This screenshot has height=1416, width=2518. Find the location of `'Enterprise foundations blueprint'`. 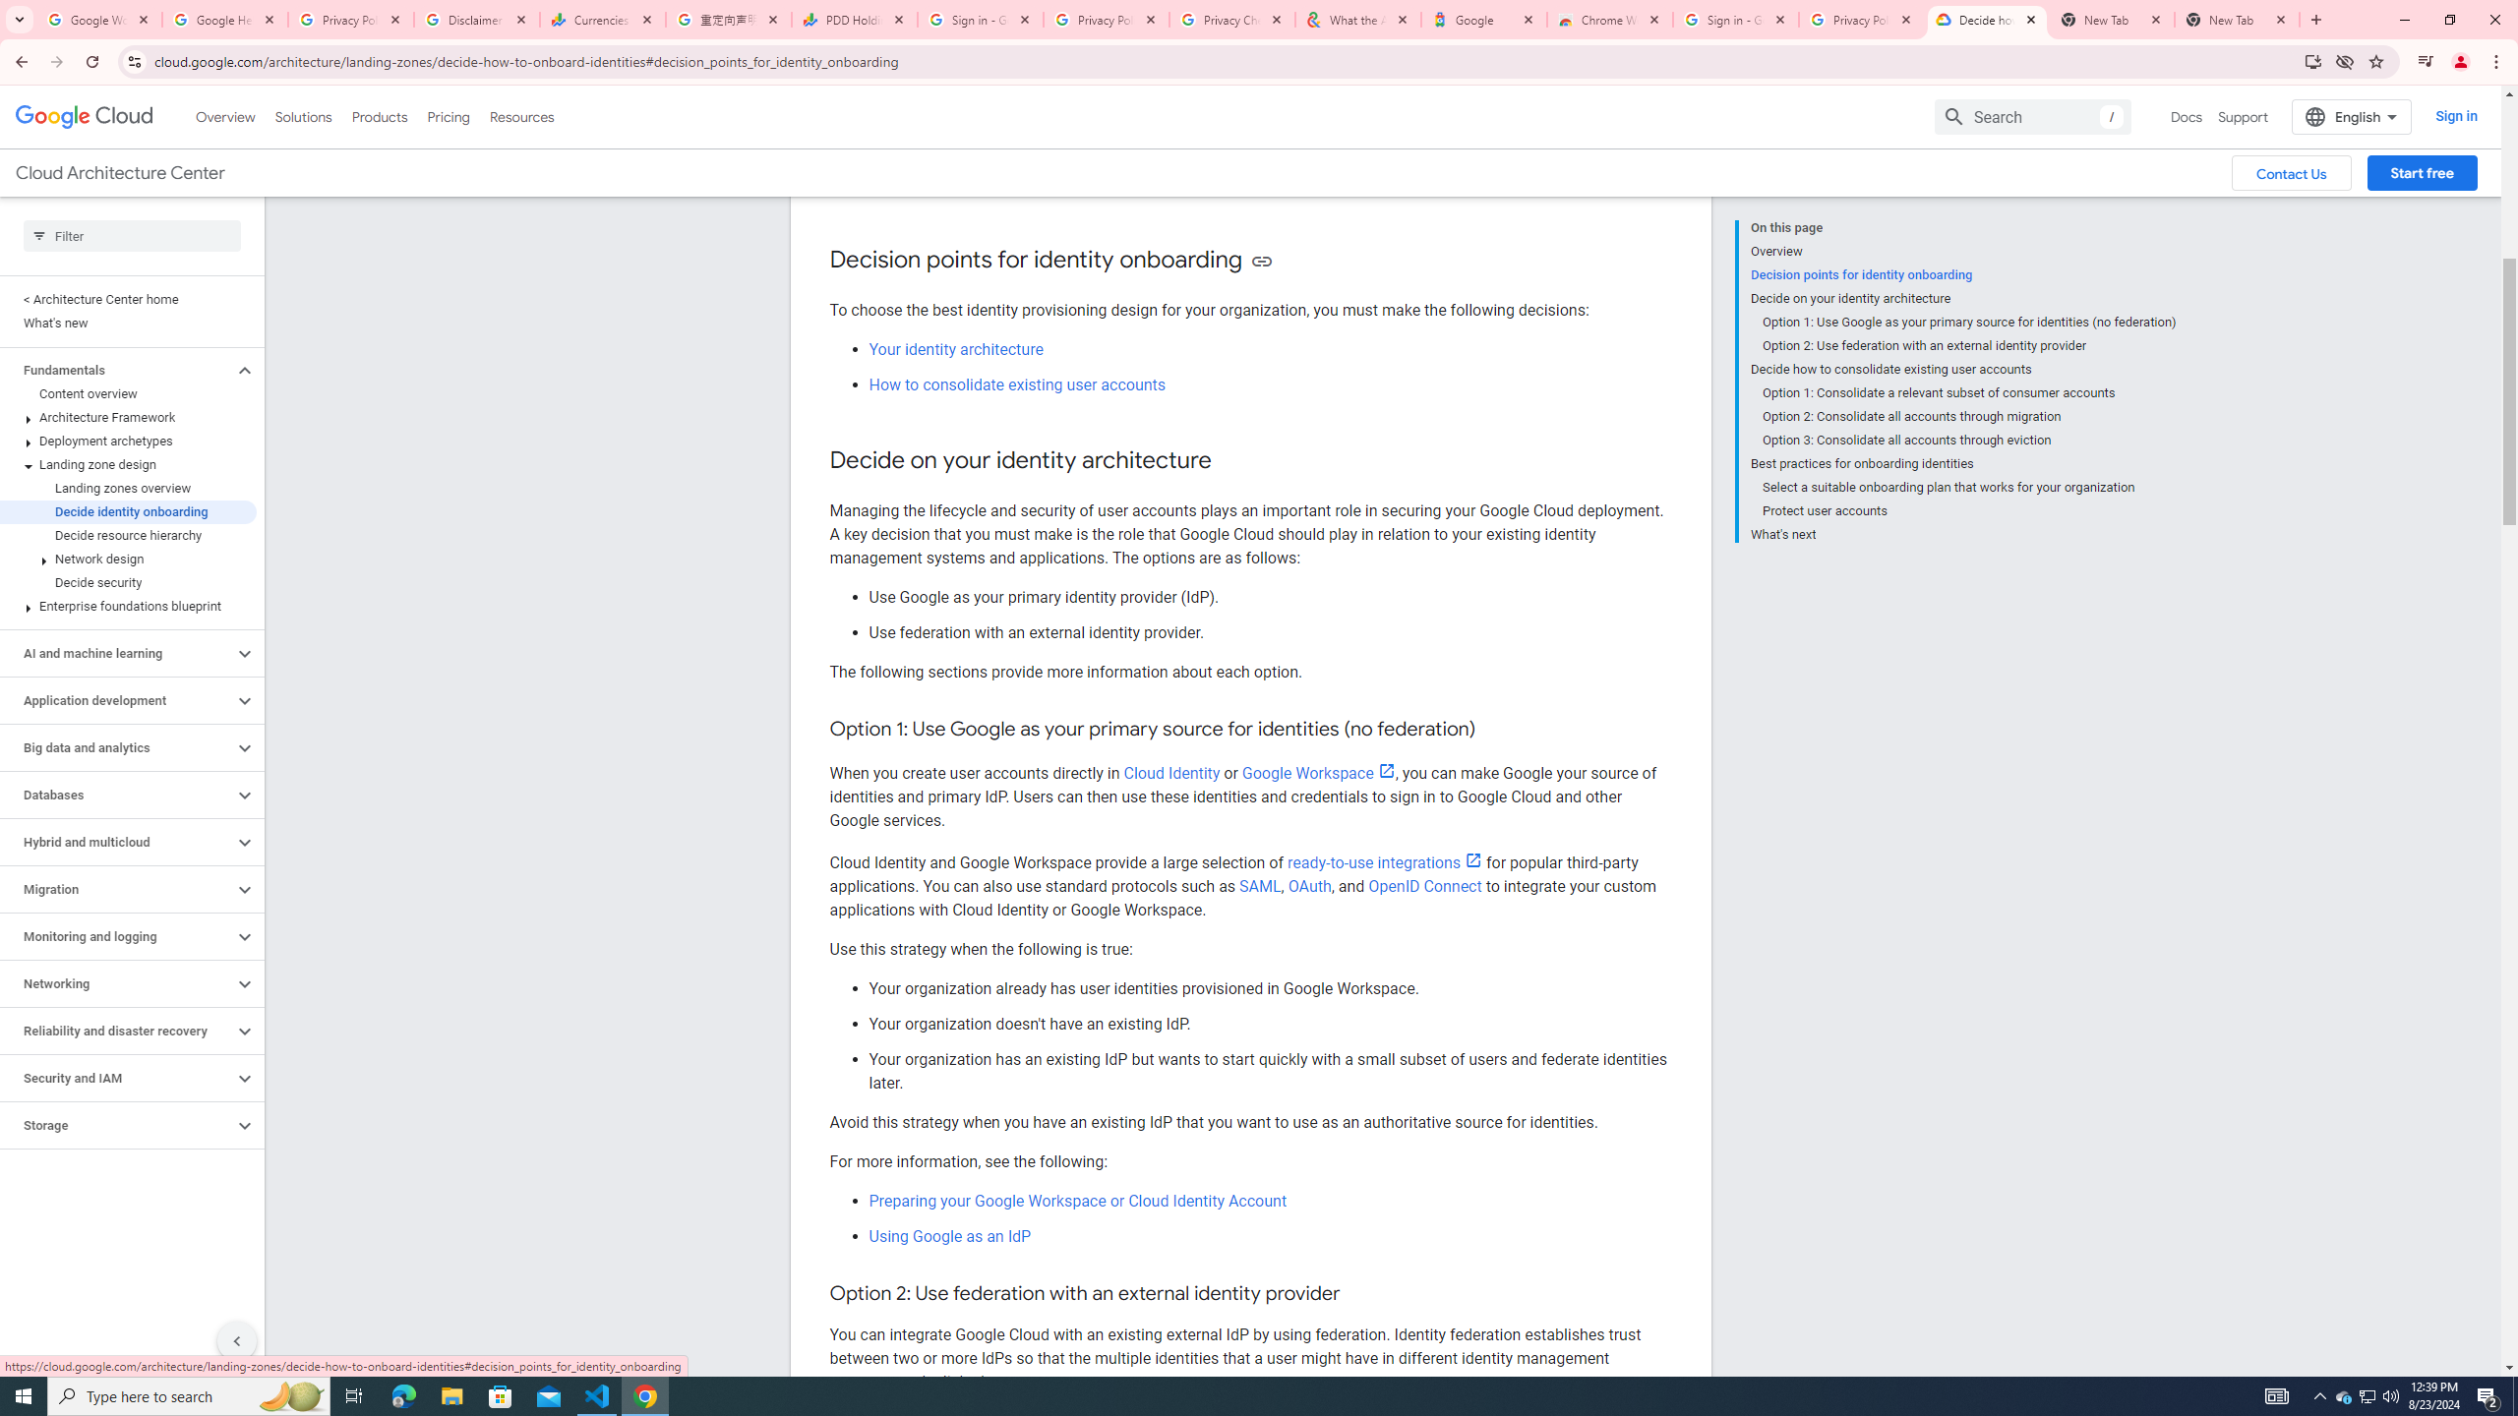

'Enterprise foundations blueprint' is located at coordinates (128, 606).